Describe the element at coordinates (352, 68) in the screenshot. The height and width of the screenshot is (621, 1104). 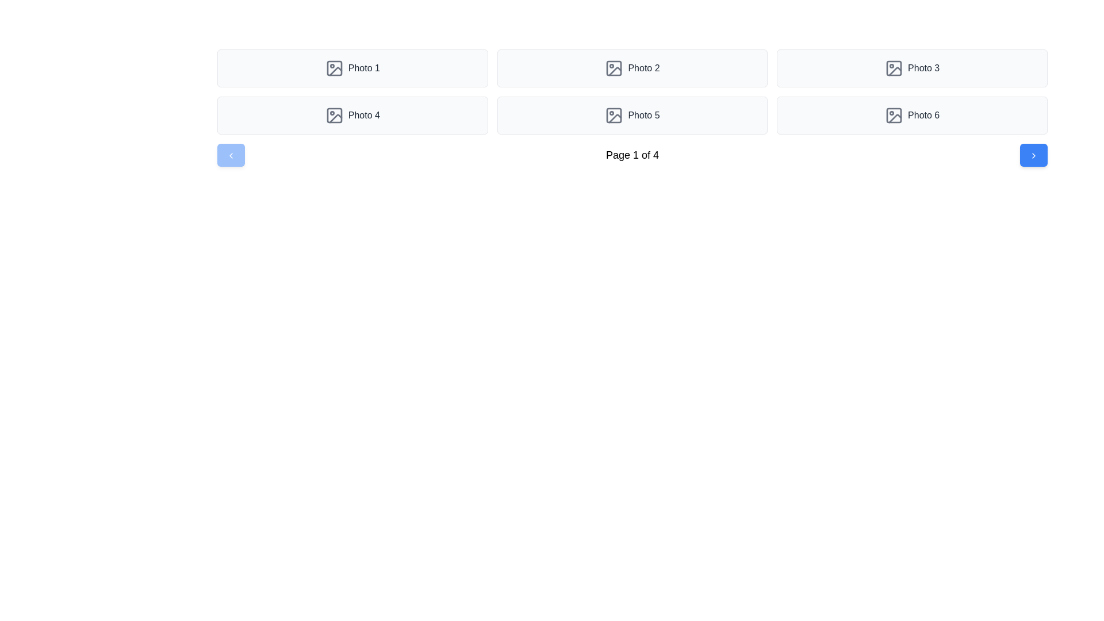
I see `the first card in the grid layout, which represents a photo` at that location.